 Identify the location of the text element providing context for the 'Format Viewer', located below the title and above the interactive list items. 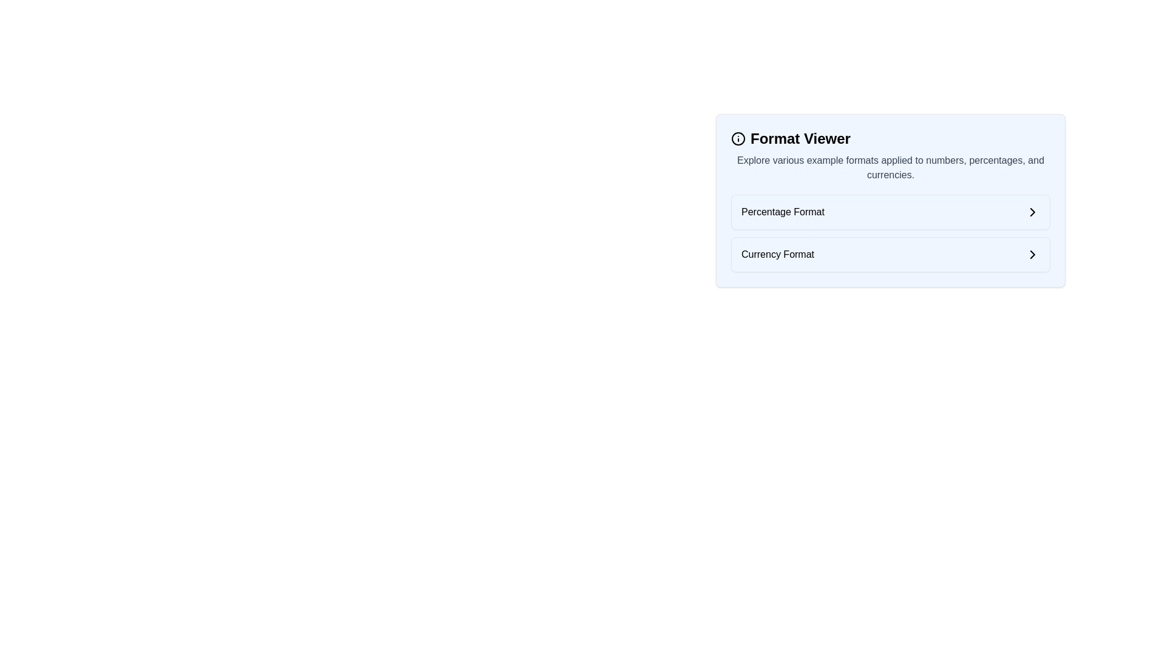
(891, 168).